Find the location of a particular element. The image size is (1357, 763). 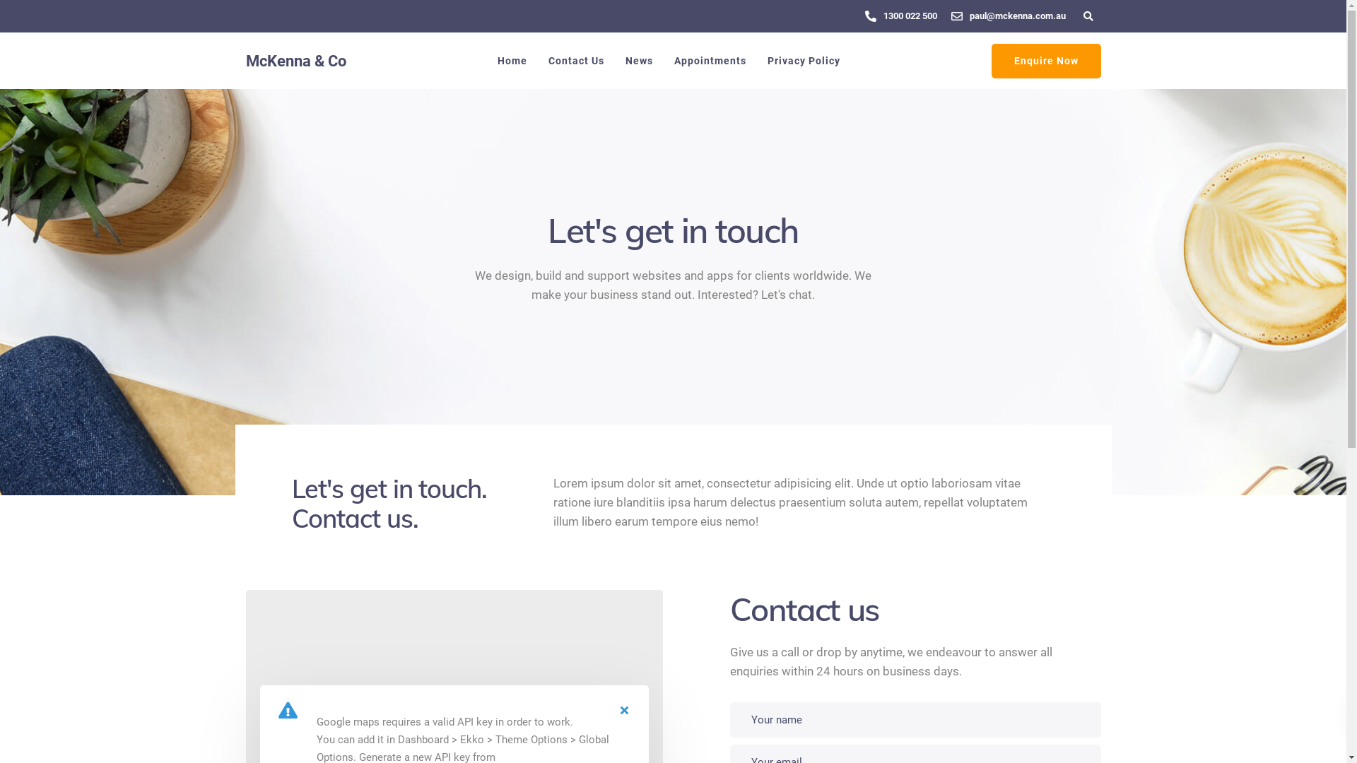

'Enquire Now' is located at coordinates (1045, 60).